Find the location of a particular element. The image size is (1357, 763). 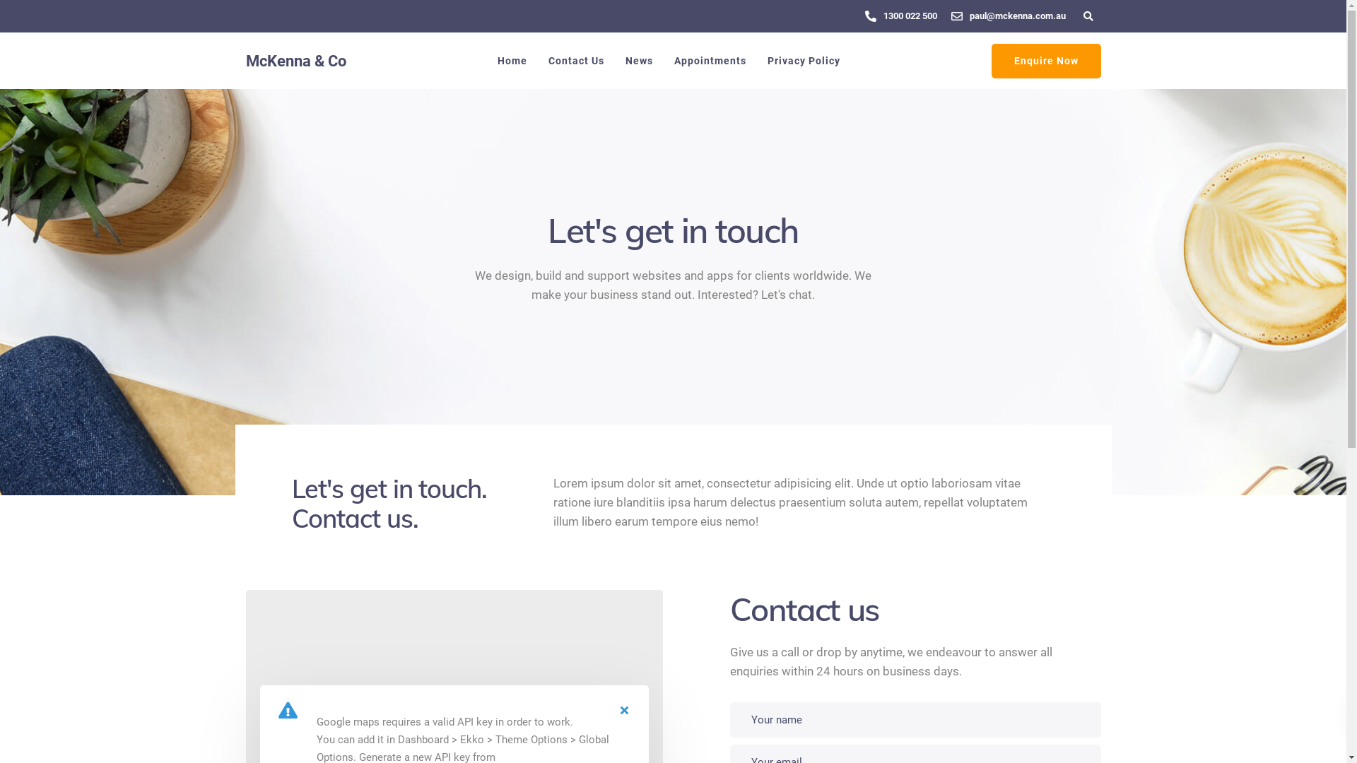

'Enquire Now' is located at coordinates (1045, 60).